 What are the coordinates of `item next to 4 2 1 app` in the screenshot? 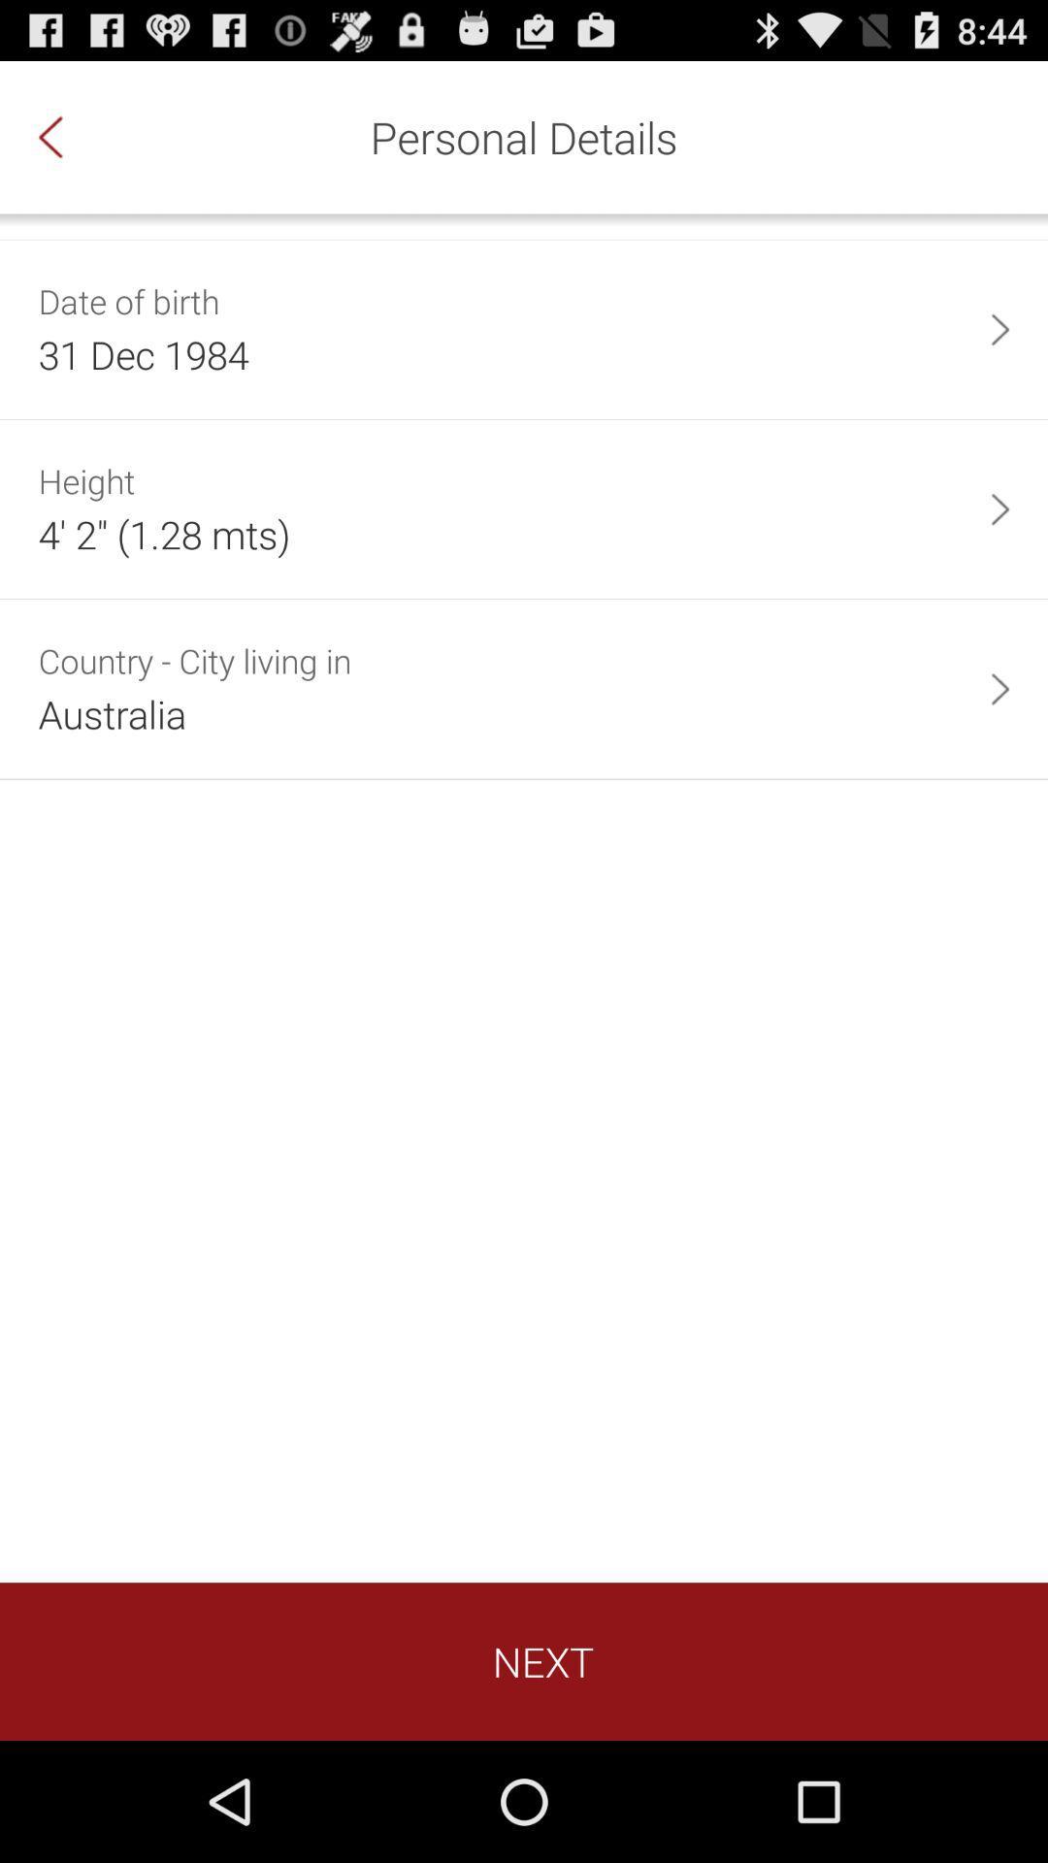 It's located at (999, 508).